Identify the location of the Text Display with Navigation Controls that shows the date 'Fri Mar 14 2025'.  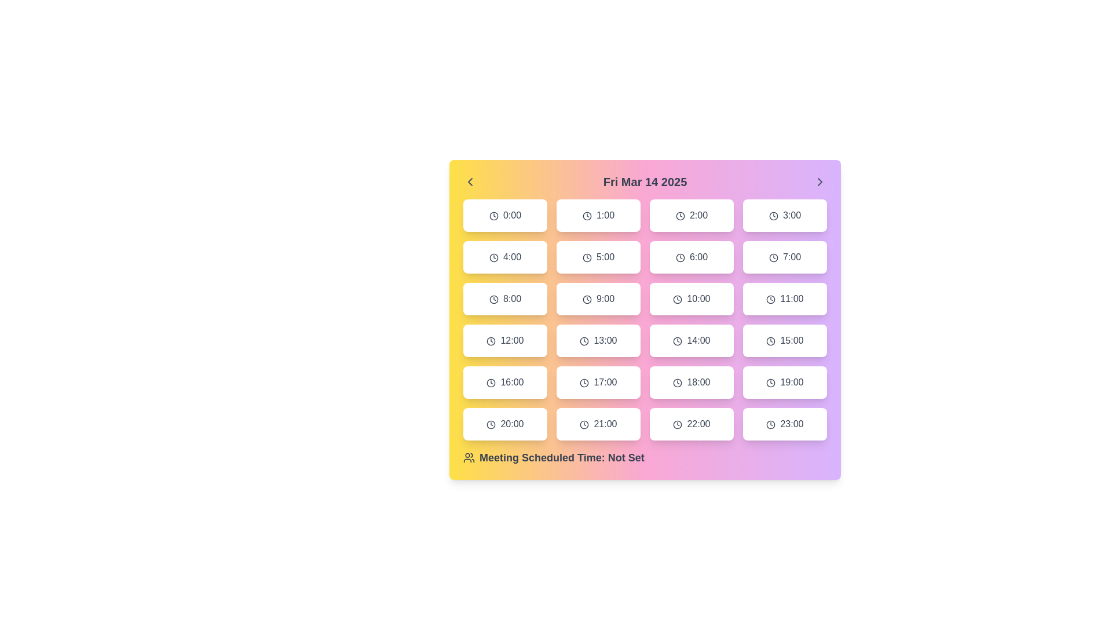
(644, 181).